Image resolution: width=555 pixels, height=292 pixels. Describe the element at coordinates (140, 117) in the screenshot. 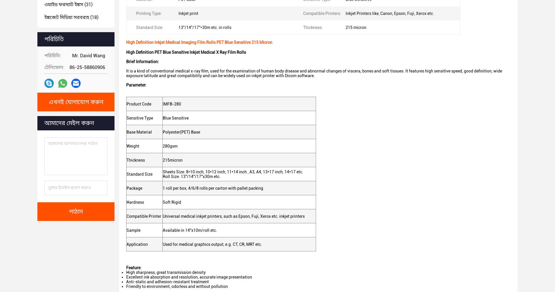

I see `'Sensitive Type'` at that location.